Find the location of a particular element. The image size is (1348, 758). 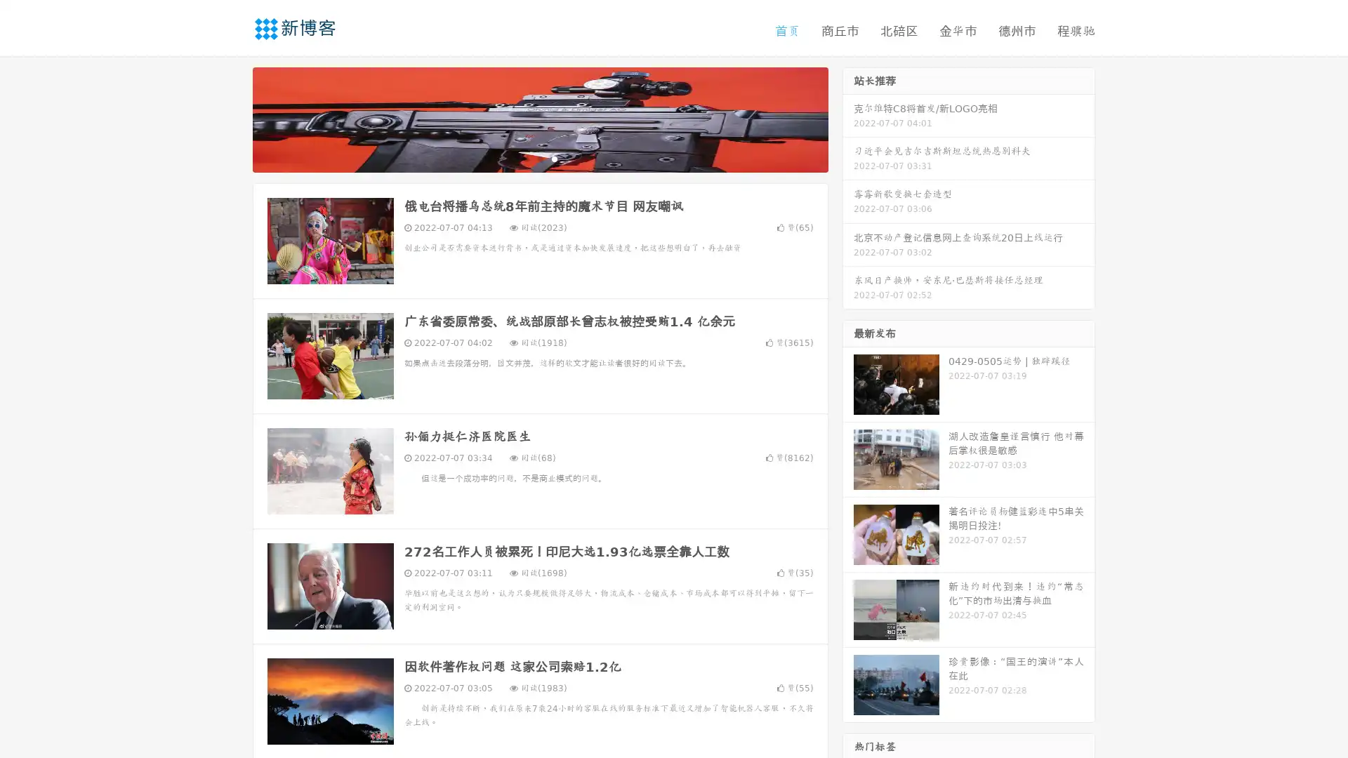

Next slide is located at coordinates (848, 118).